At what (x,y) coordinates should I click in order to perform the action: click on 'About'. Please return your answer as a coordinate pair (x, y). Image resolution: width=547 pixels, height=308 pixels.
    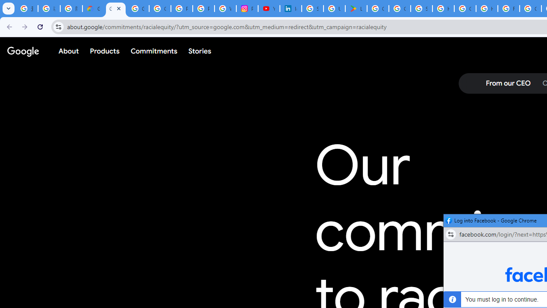
    Looking at the image, I should click on (69, 51).